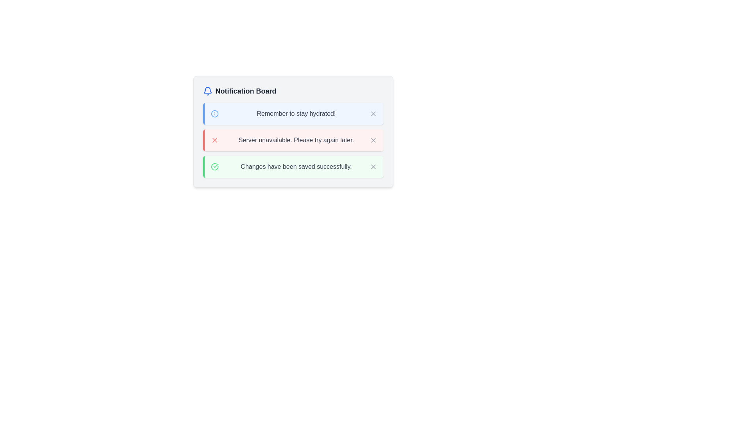 The image size is (750, 421). I want to click on the info symbol, which is a vector graphic circle located to the left of the 'Notification Board' panel header, so click(214, 114).